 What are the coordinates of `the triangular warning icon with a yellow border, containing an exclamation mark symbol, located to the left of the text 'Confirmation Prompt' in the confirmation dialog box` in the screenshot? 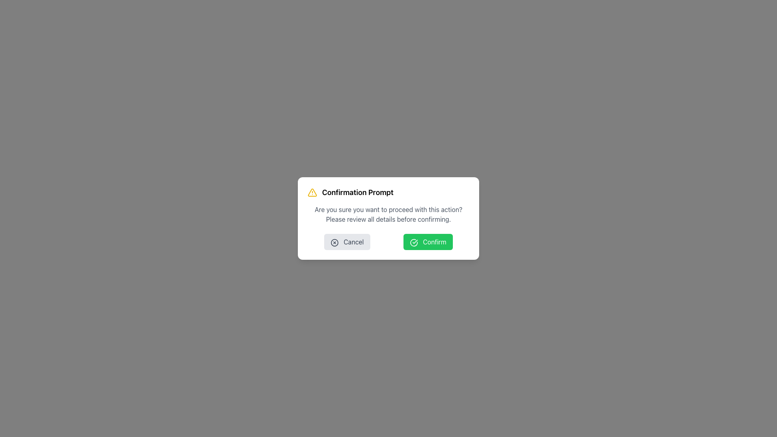 It's located at (312, 192).